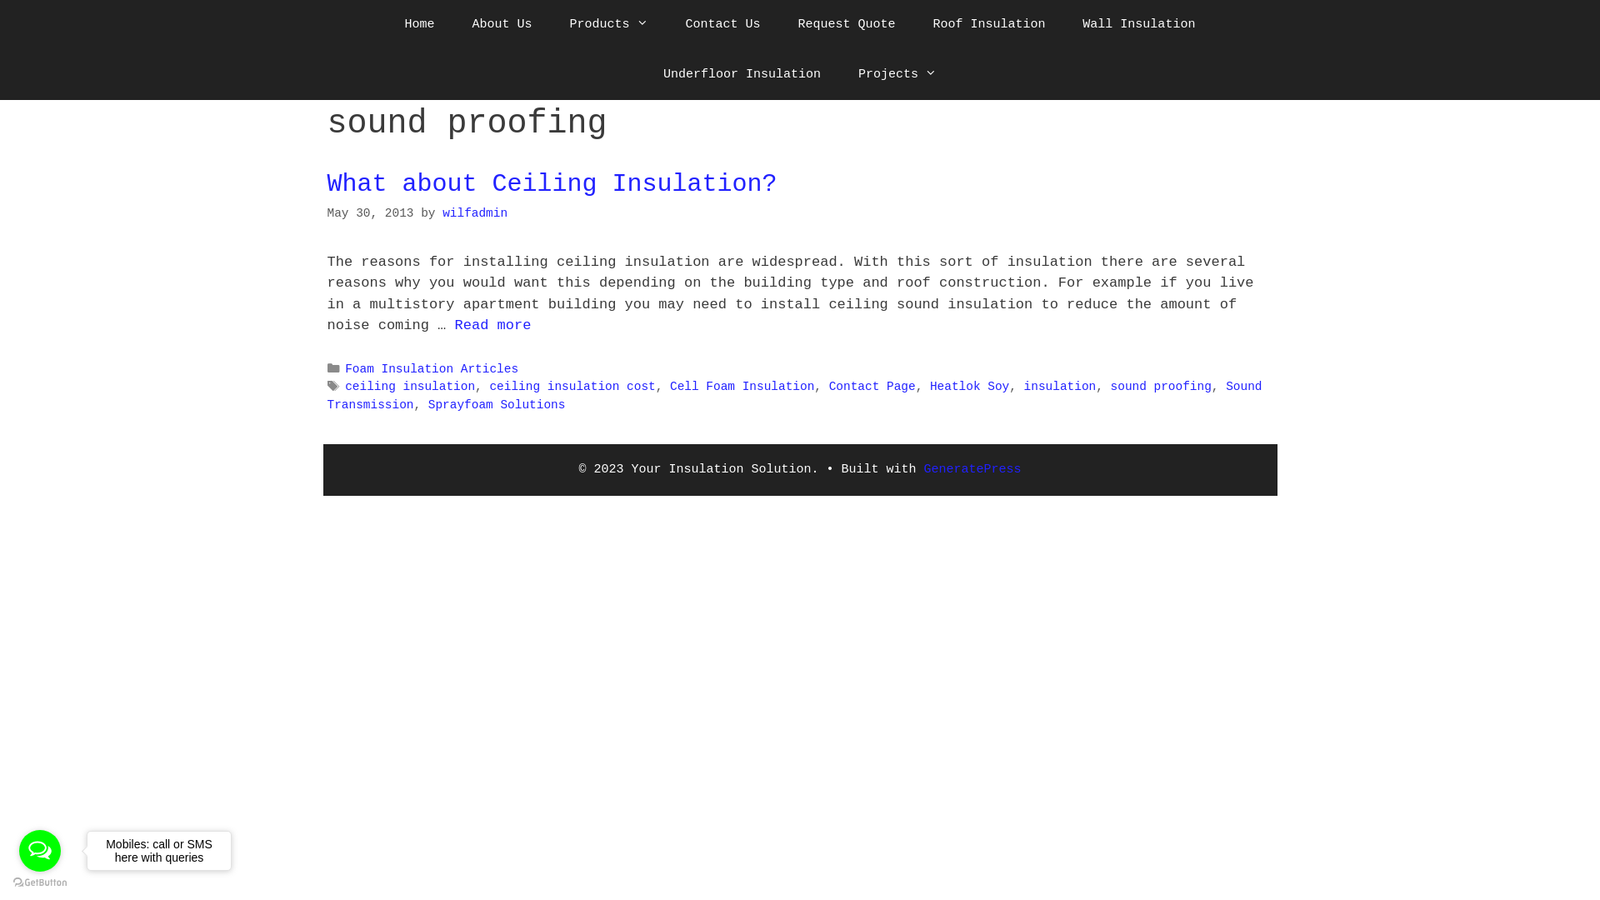  What do you see at coordinates (667, 25) in the screenshot?
I see `'Contact Us'` at bounding box center [667, 25].